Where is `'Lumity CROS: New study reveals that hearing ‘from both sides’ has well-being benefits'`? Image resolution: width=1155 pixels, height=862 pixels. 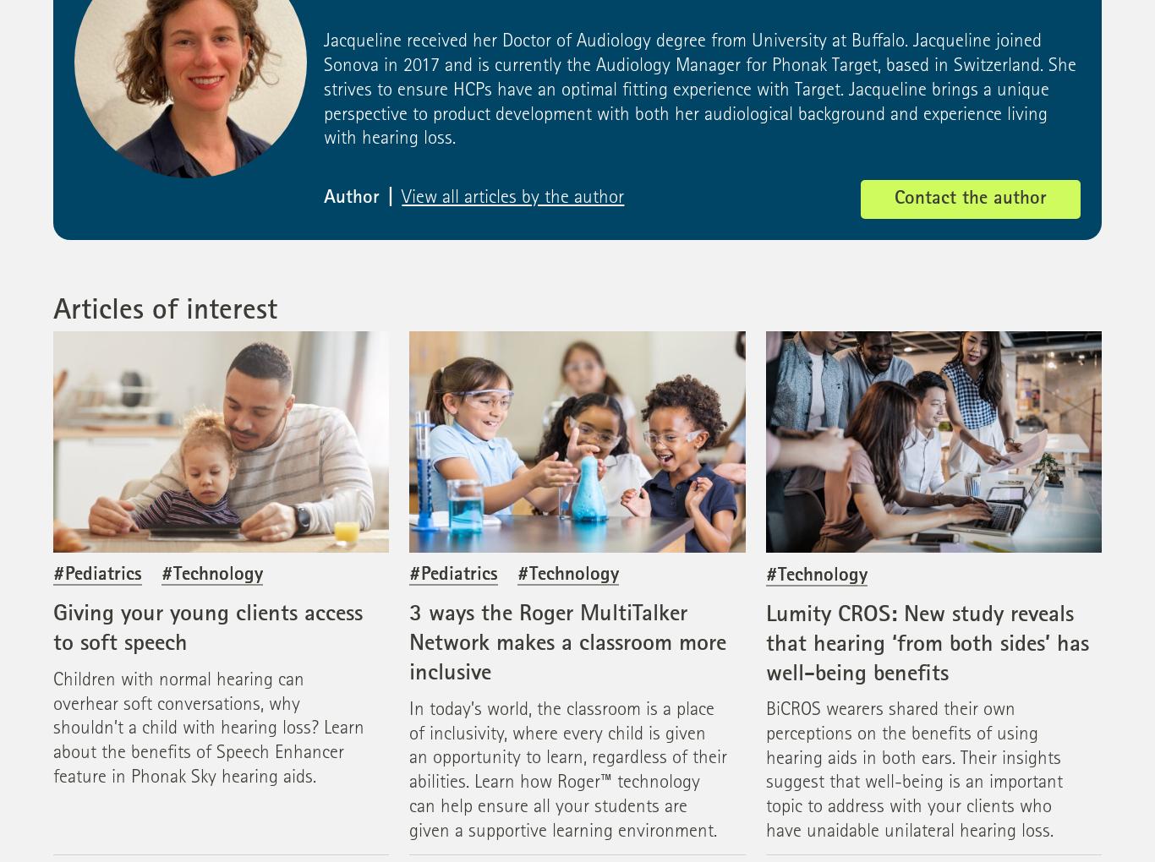
'Lumity CROS: New study reveals that hearing ‘from both sides’ has well-being benefits' is located at coordinates (764, 644).